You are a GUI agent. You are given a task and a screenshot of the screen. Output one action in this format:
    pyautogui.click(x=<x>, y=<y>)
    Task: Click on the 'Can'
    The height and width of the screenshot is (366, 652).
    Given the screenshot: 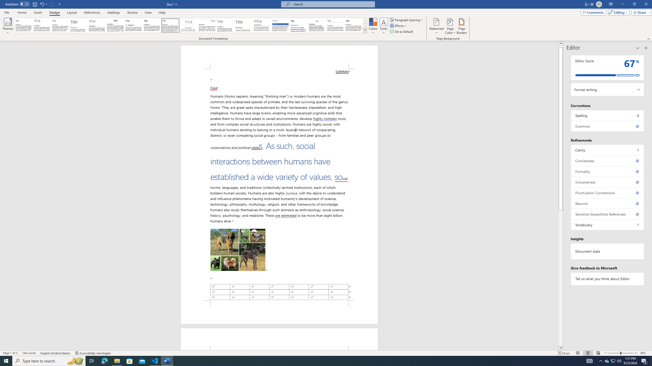 What is the action you would take?
    pyautogui.click(x=52, y=4)
    